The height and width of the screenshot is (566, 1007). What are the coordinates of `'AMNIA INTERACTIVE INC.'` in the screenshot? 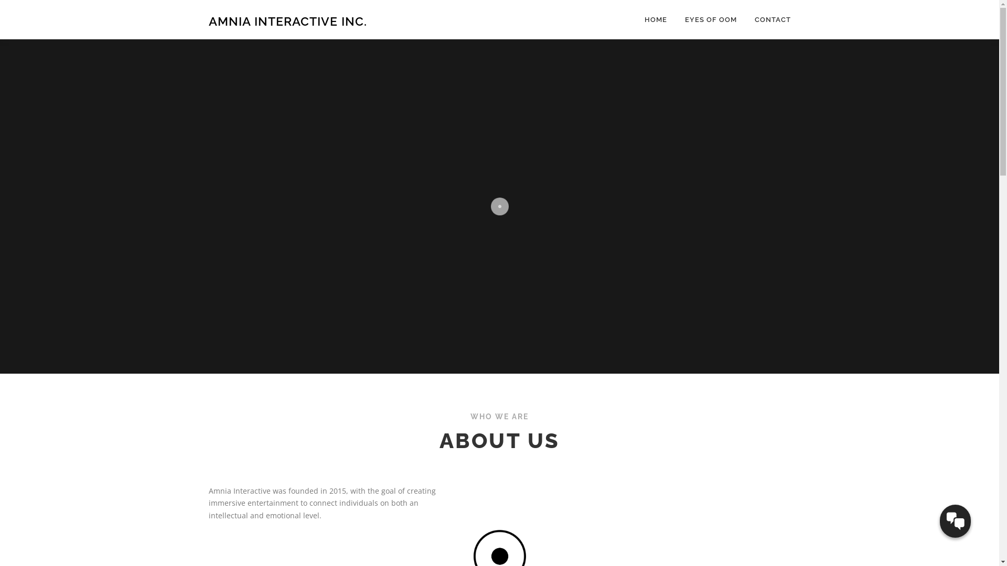 It's located at (287, 21).